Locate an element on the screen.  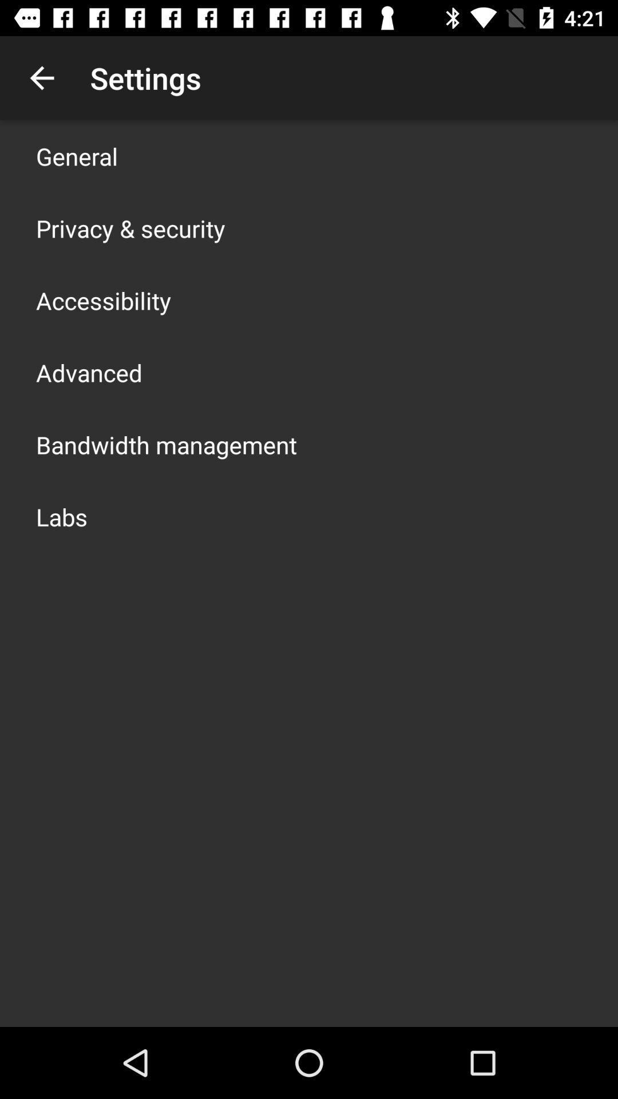
the app above labs app is located at coordinates (166, 444).